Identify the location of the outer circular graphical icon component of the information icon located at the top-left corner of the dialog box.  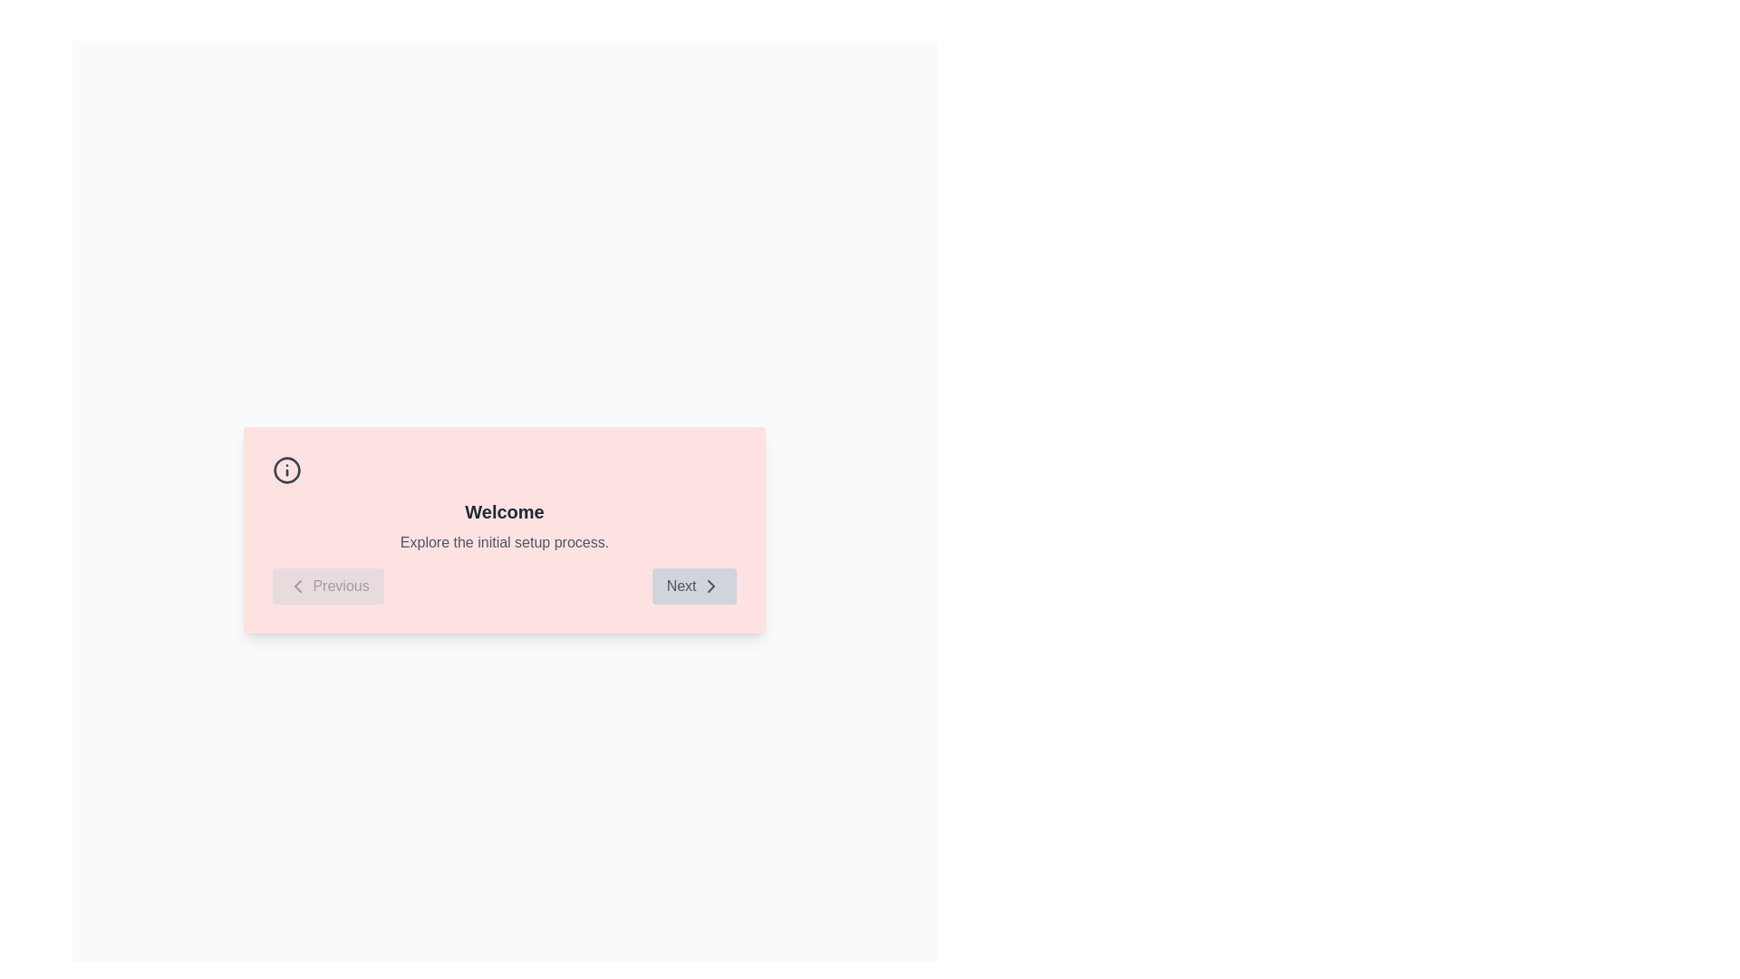
(285, 468).